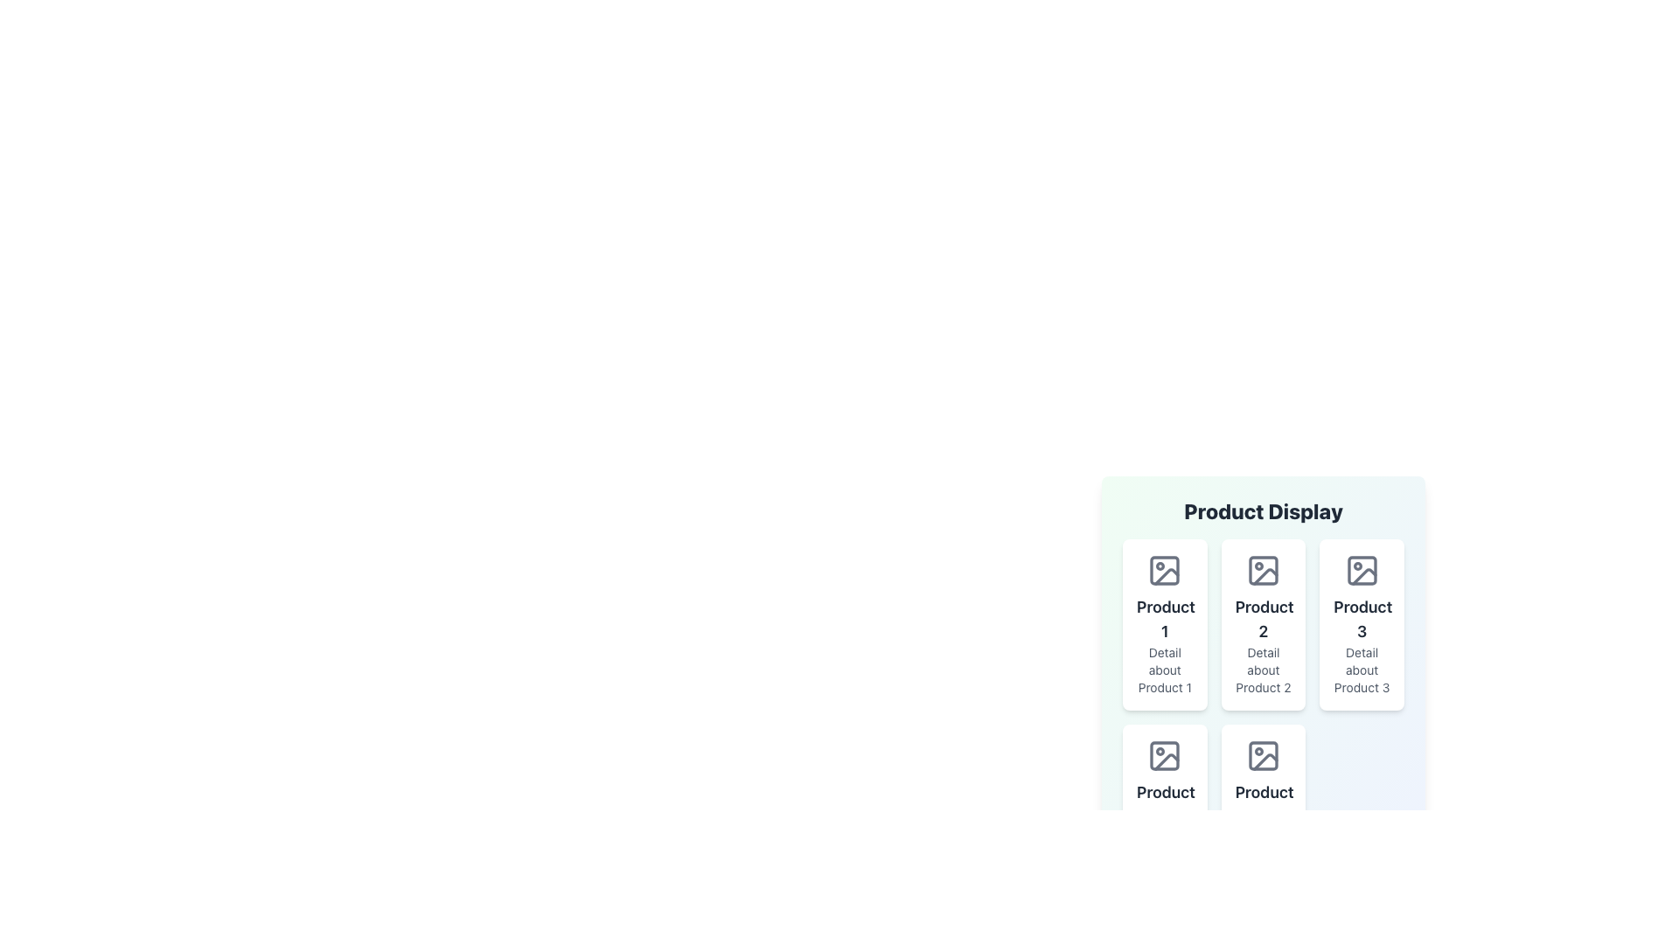  What do you see at coordinates (1263, 633) in the screenshot?
I see `the product display card located in the second column of the first row under the header 'Product Display'` at bounding box center [1263, 633].